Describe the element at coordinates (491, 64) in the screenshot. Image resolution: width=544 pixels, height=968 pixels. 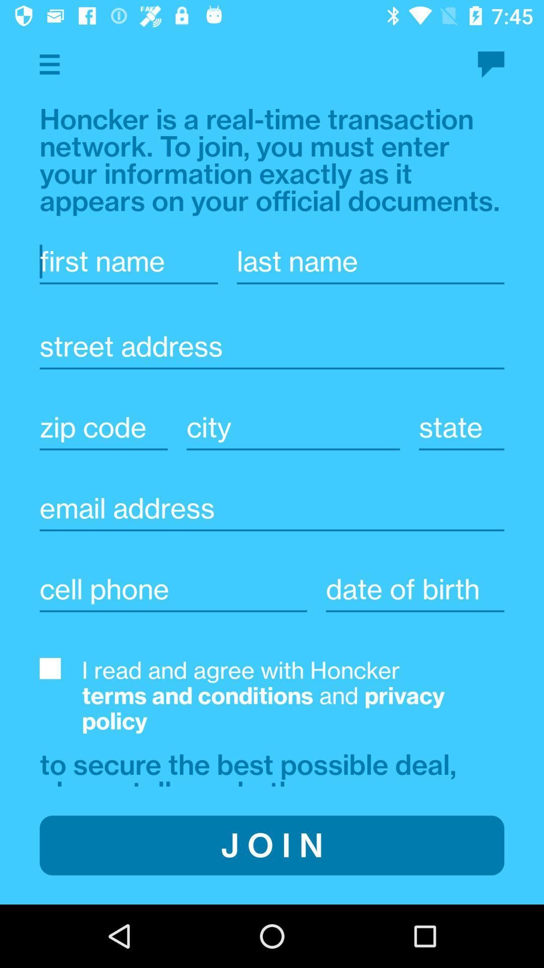
I see `contact us` at that location.